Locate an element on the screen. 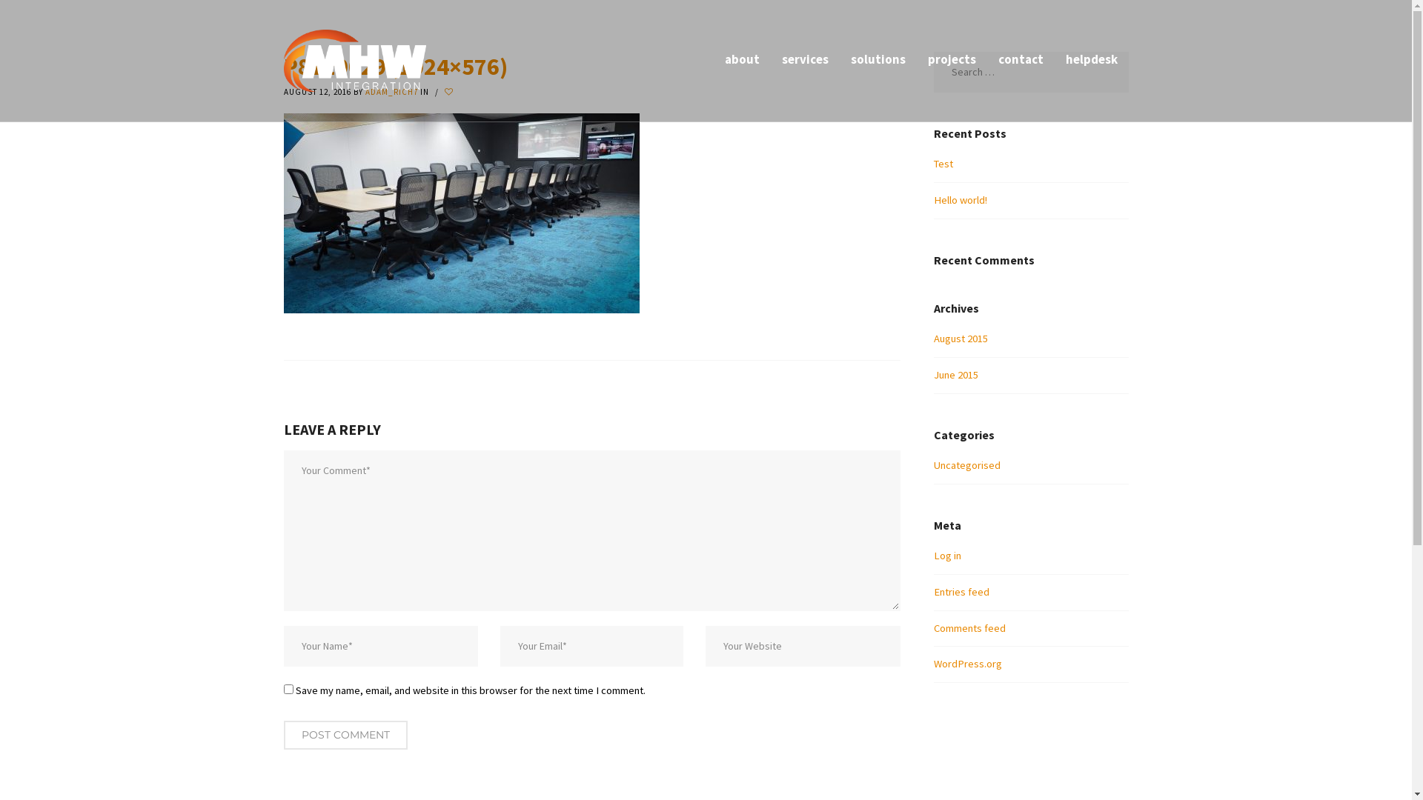  'Entries feed' is located at coordinates (961, 590).